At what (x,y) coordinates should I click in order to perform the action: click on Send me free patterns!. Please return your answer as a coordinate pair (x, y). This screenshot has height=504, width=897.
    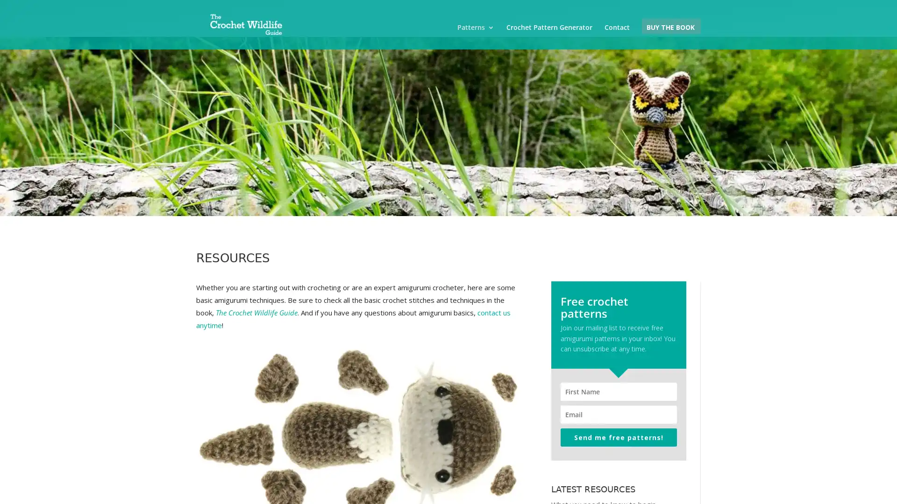
    Looking at the image, I should click on (618, 437).